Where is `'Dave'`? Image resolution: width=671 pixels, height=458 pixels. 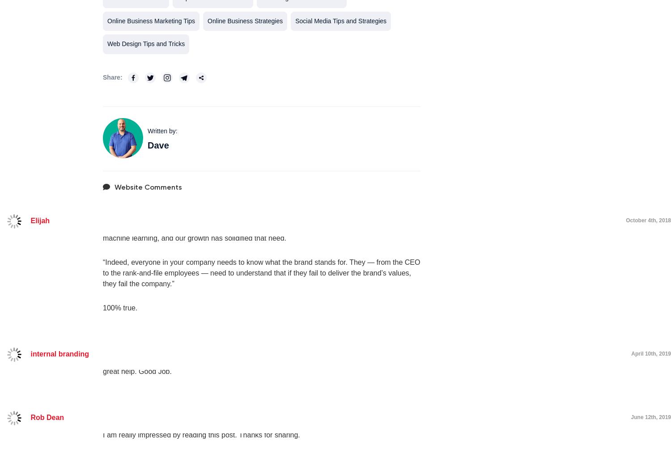
'Dave' is located at coordinates (157, 145).